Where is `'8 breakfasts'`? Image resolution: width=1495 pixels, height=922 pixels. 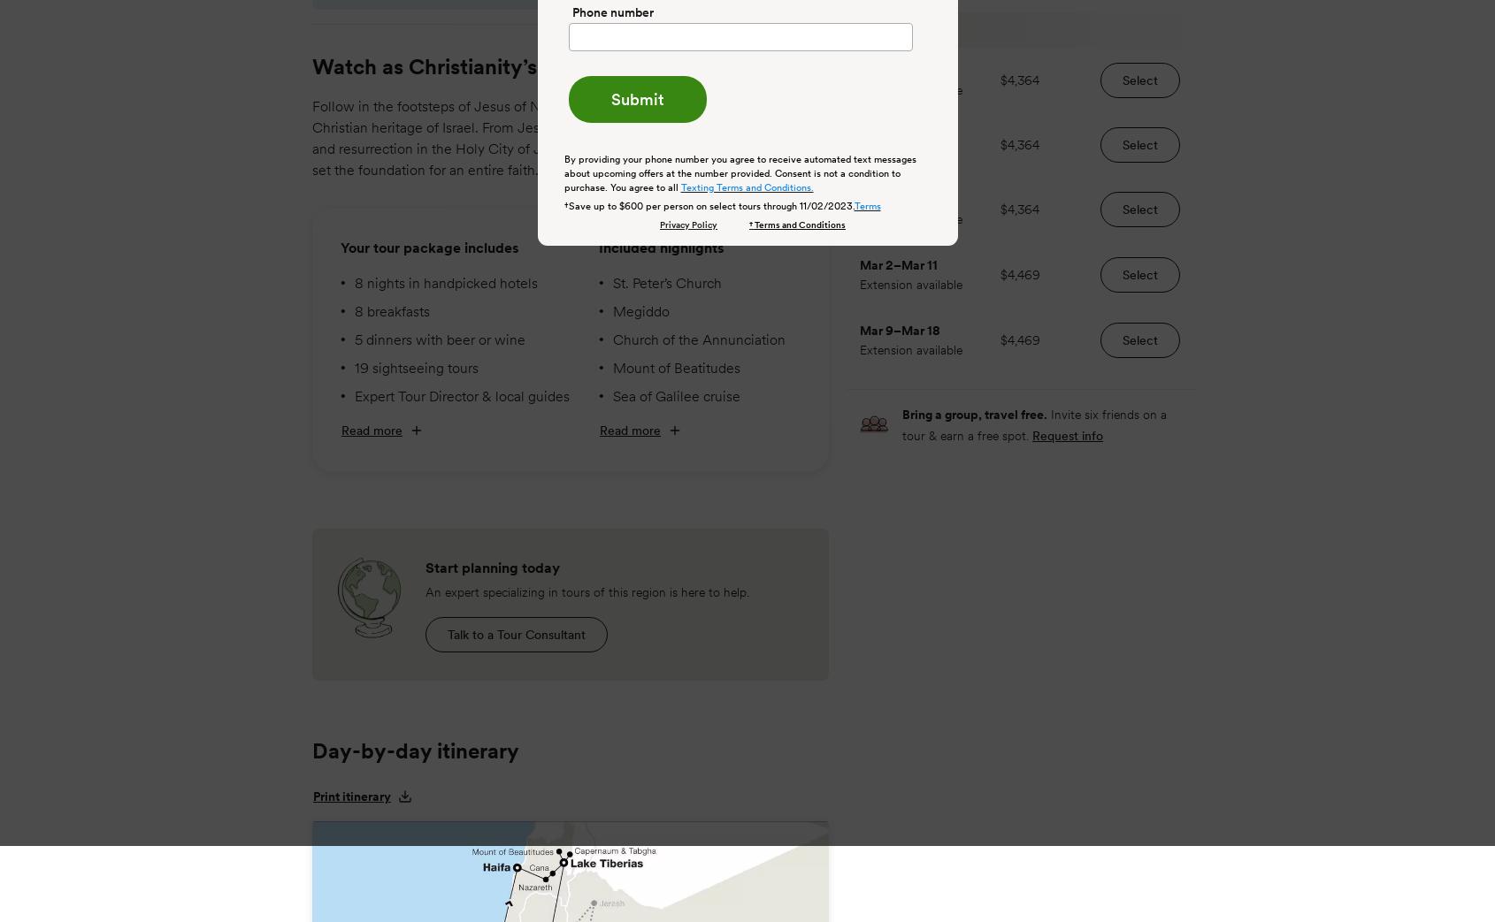 '8 breakfasts' is located at coordinates (392, 309).